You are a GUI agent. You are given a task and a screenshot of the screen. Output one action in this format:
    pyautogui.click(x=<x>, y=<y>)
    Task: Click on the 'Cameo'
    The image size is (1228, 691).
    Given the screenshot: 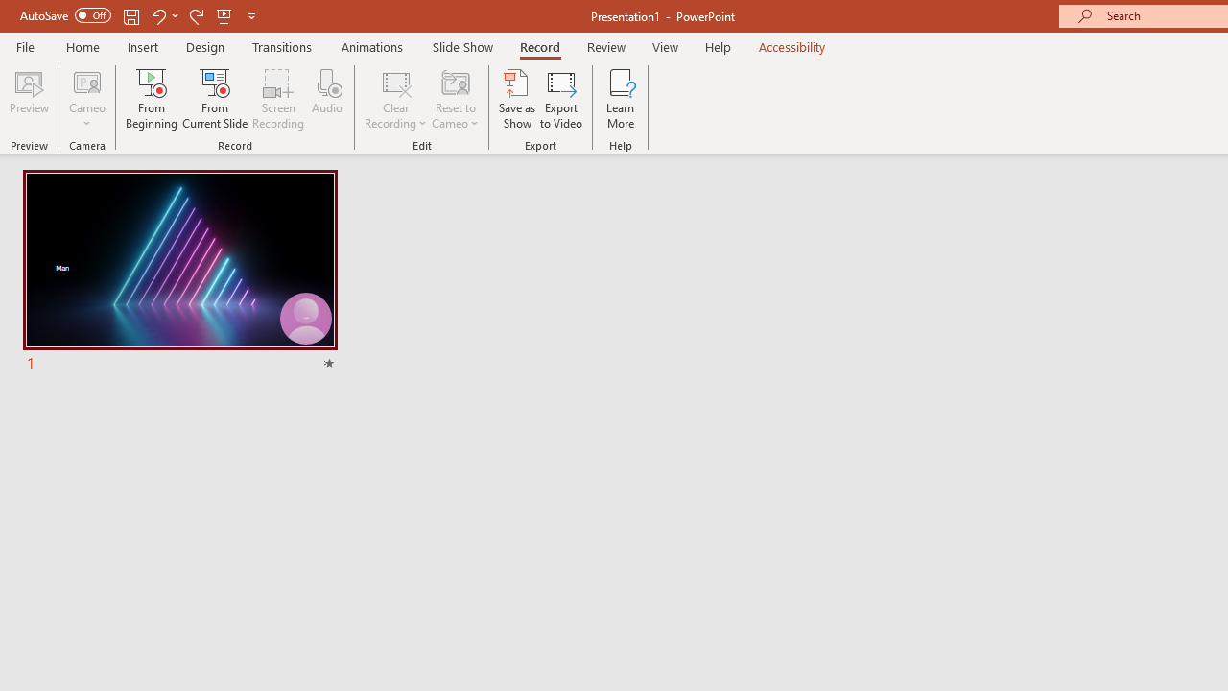 What is the action you would take?
    pyautogui.click(x=86, y=99)
    